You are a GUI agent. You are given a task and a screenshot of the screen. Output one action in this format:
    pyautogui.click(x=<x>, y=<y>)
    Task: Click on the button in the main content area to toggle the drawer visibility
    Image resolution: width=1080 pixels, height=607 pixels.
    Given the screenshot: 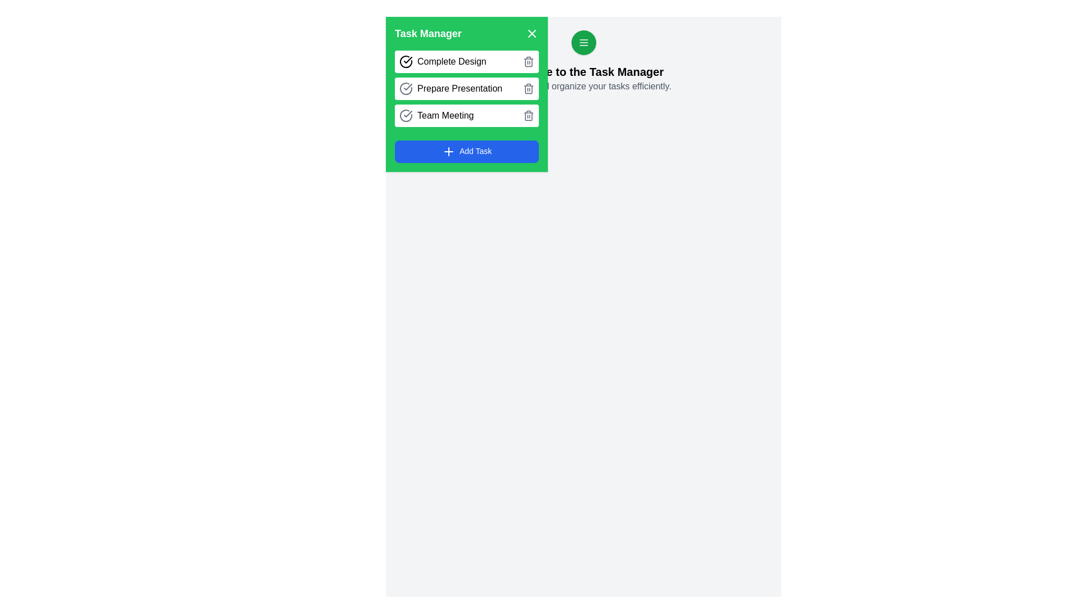 What is the action you would take?
    pyautogui.click(x=583, y=42)
    